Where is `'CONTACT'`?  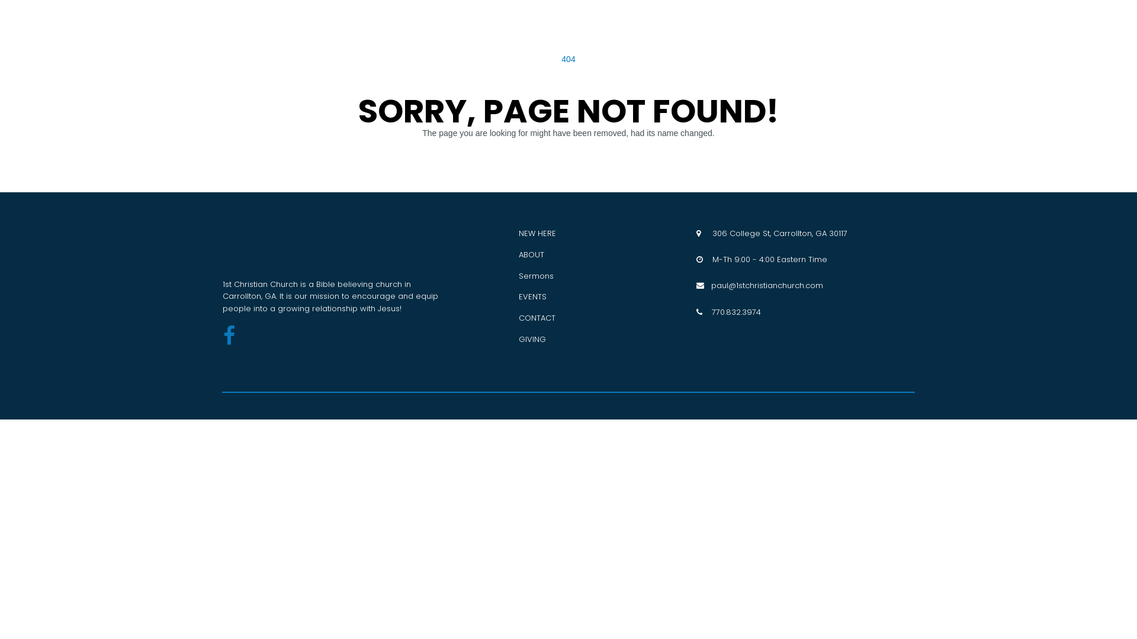
'CONTACT' is located at coordinates (518, 317).